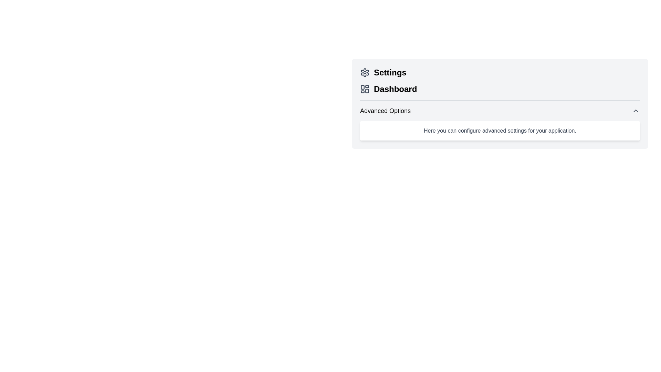 The width and height of the screenshot is (661, 372). Describe the element at coordinates (636, 110) in the screenshot. I see `the arrow icon button that collapses the 'Advanced Options' section` at that location.